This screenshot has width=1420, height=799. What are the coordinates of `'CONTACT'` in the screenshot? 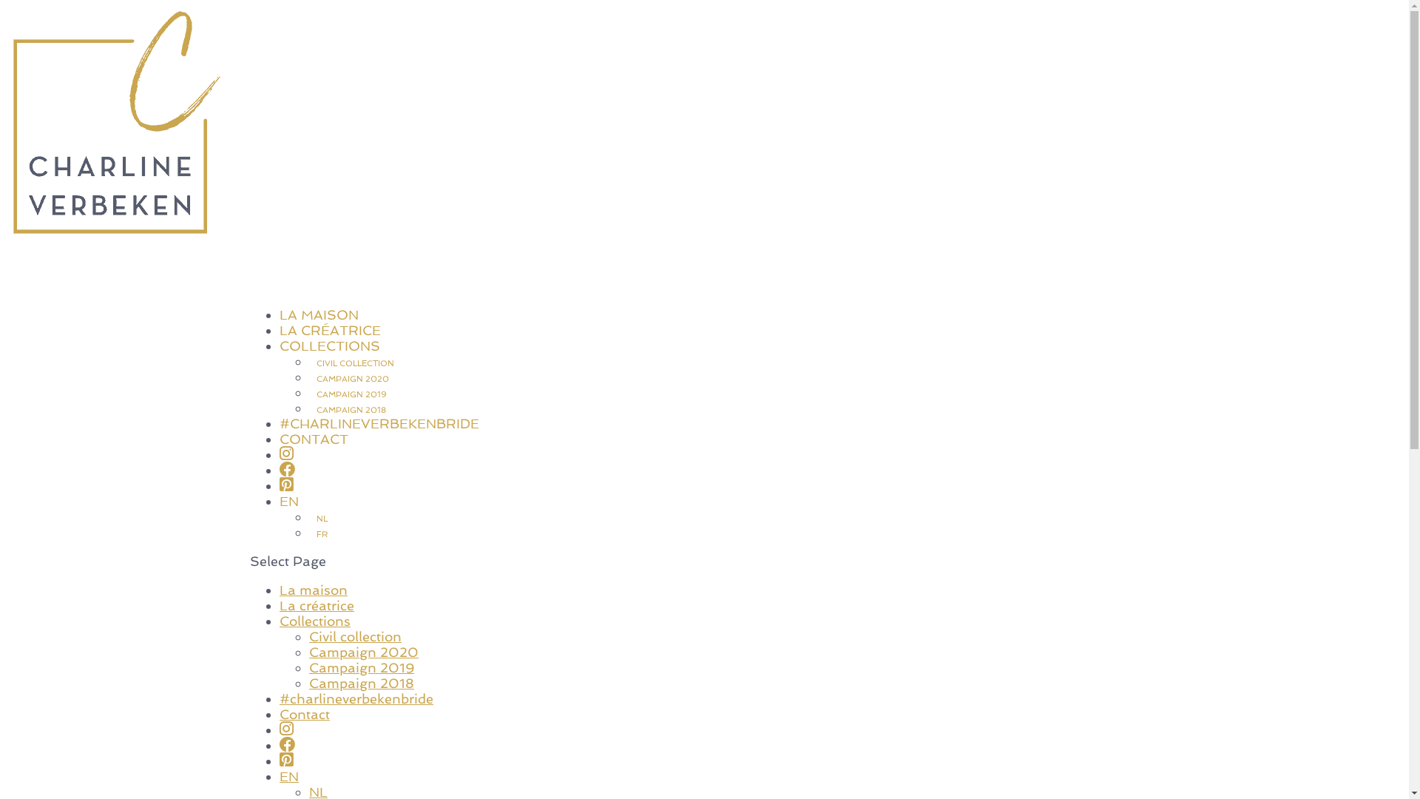 It's located at (313, 464).